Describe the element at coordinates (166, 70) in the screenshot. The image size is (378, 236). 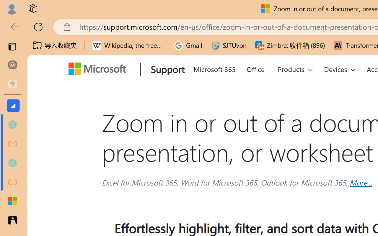
I see `'Support'` at that location.